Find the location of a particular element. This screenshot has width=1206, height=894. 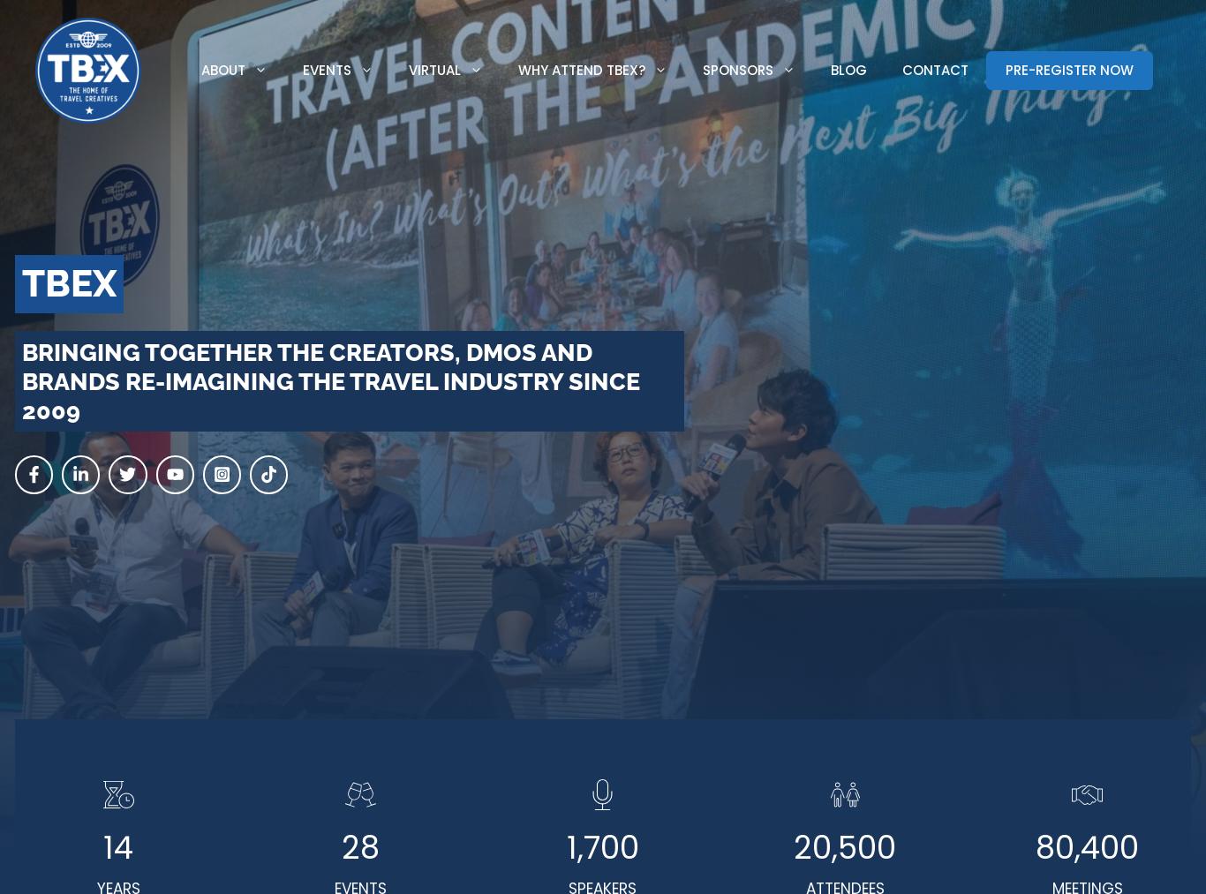

'Bringing Together the Creators, DMOs and Brands re-imagining the Travel Industry Since 2009' is located at coordinates (329, 379).